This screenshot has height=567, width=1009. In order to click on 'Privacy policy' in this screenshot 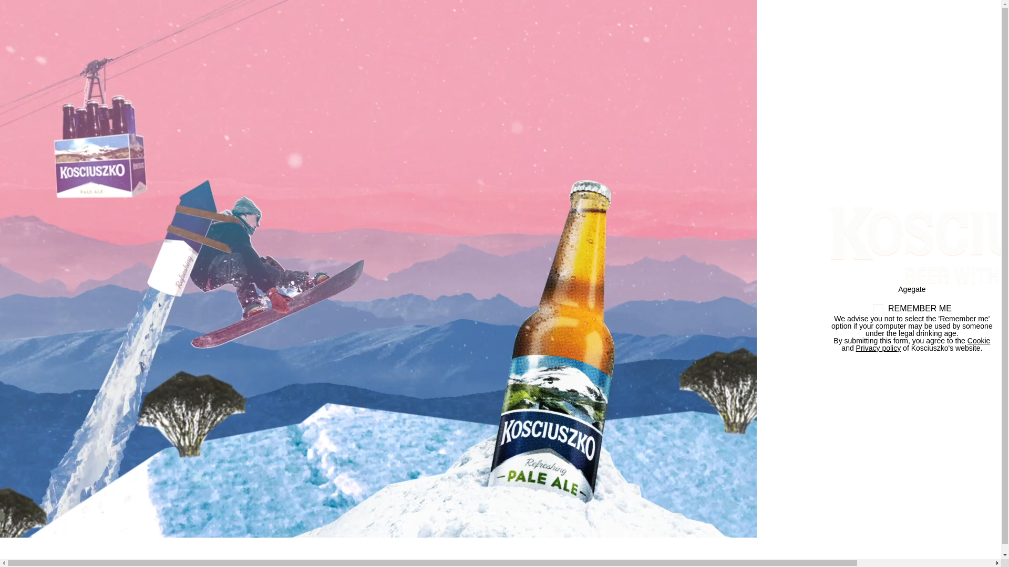, I will do `click(878, 348)`.